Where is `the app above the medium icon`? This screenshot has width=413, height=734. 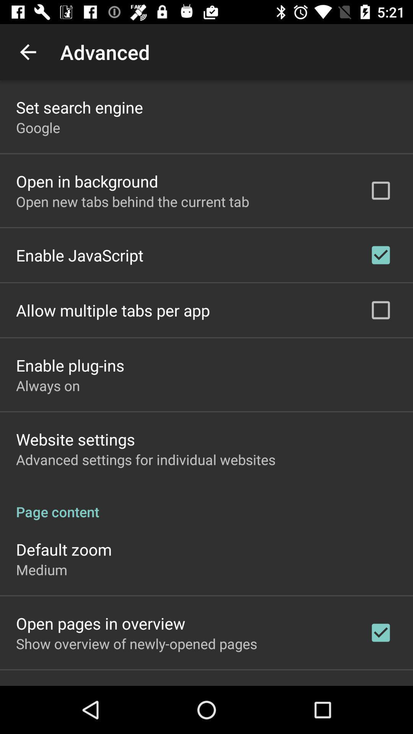
the app above the medium icon is located at coordinates (63, 549).